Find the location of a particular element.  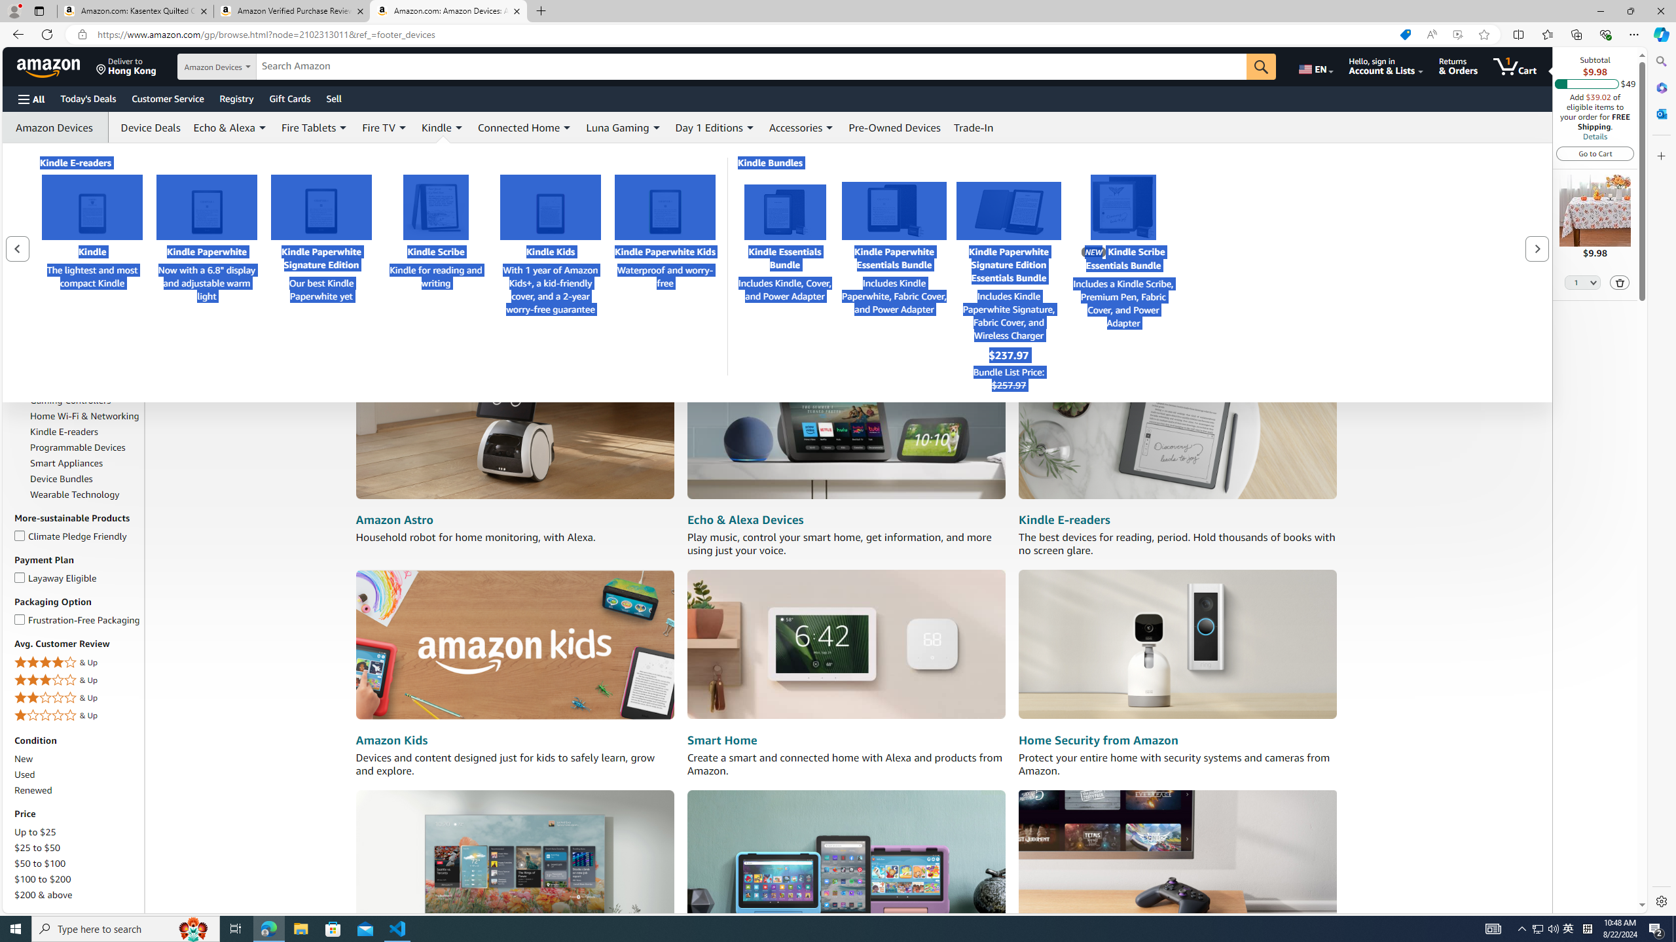

'Last 90 days' is located at coordinates (40, 192).